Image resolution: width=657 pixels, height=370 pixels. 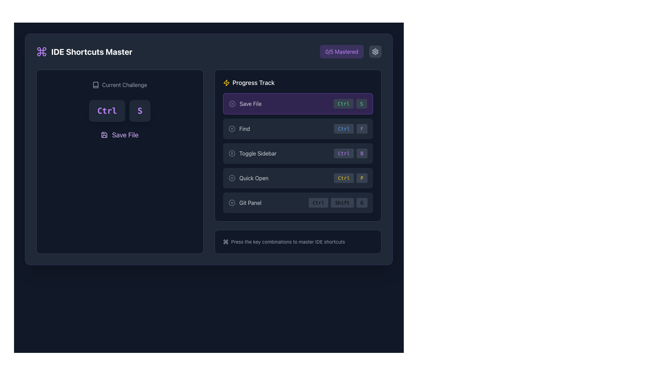 I want to click on the third Text label in the 'Progress Track' section, which is located between the 'Find' and 'Quick Open' options, so click(x=257, y=153).